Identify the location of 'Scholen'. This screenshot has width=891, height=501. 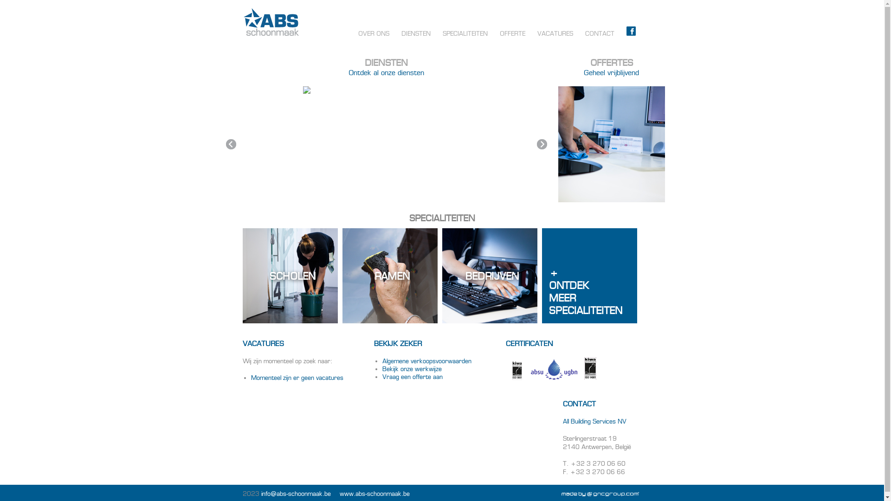
(289, 275).